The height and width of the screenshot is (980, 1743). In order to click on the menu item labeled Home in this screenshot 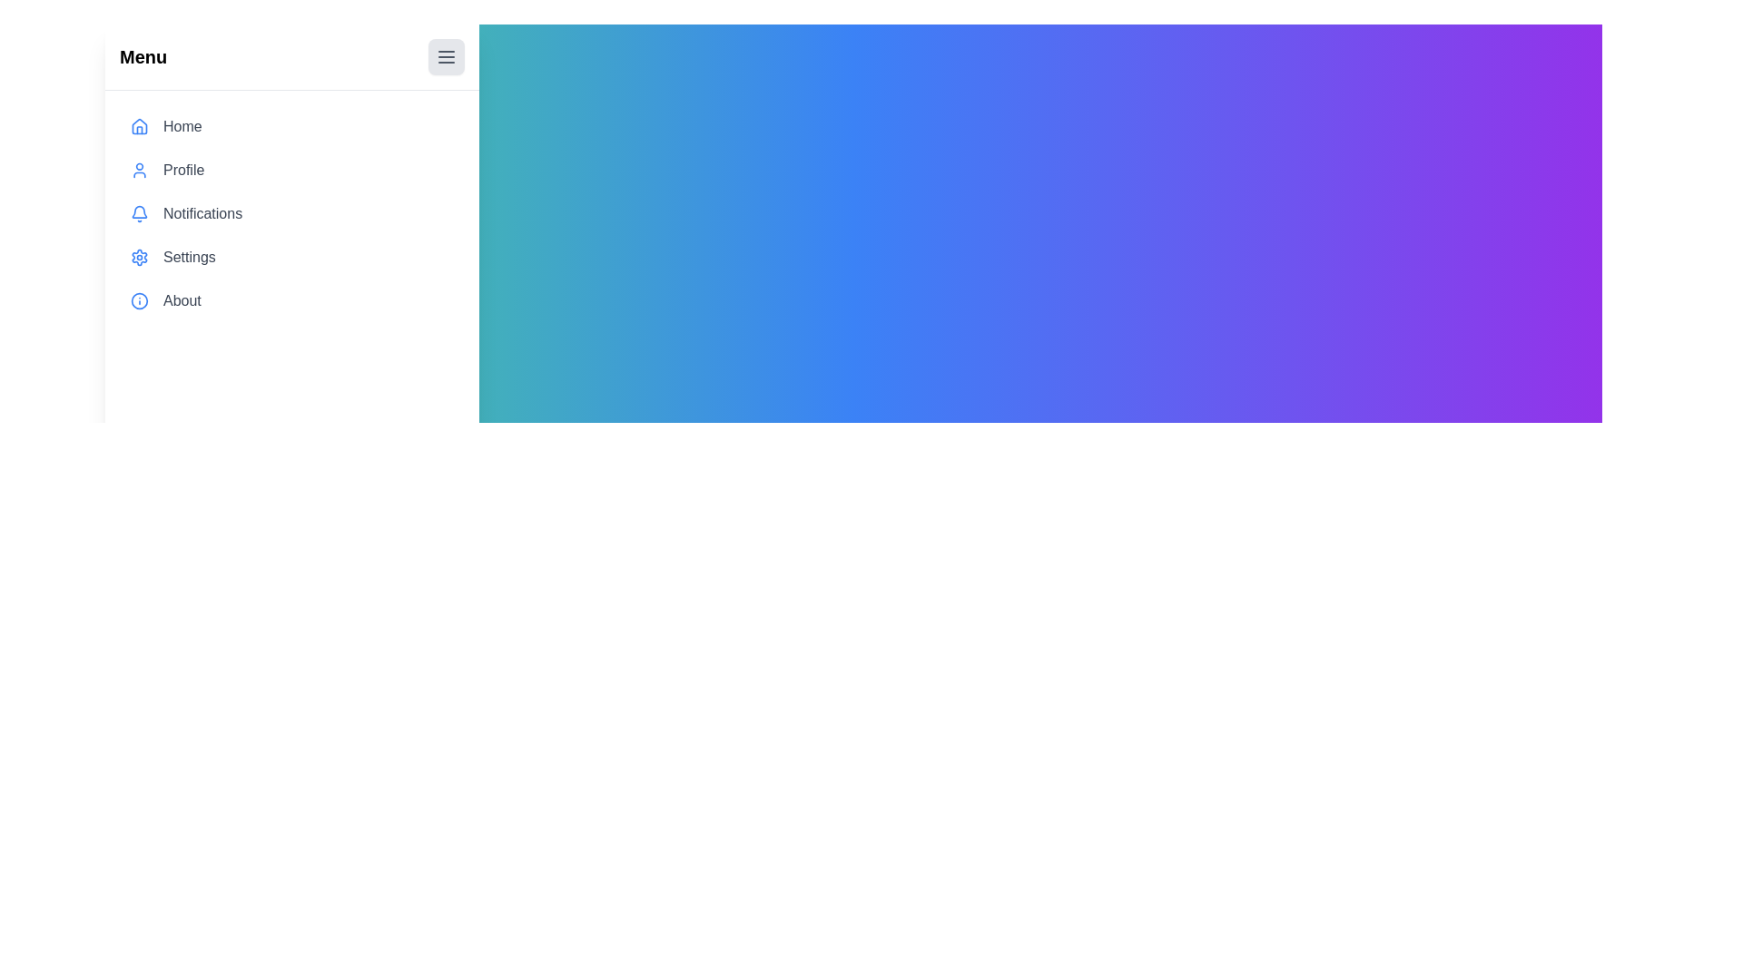, I will do `click(292, 125)`.